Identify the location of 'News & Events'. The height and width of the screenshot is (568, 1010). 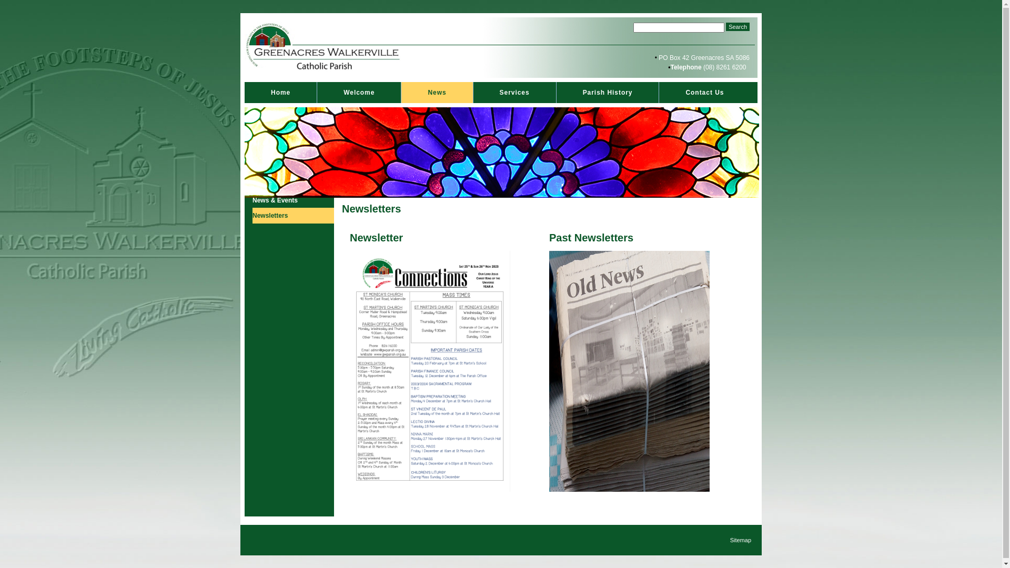
(252, 200).